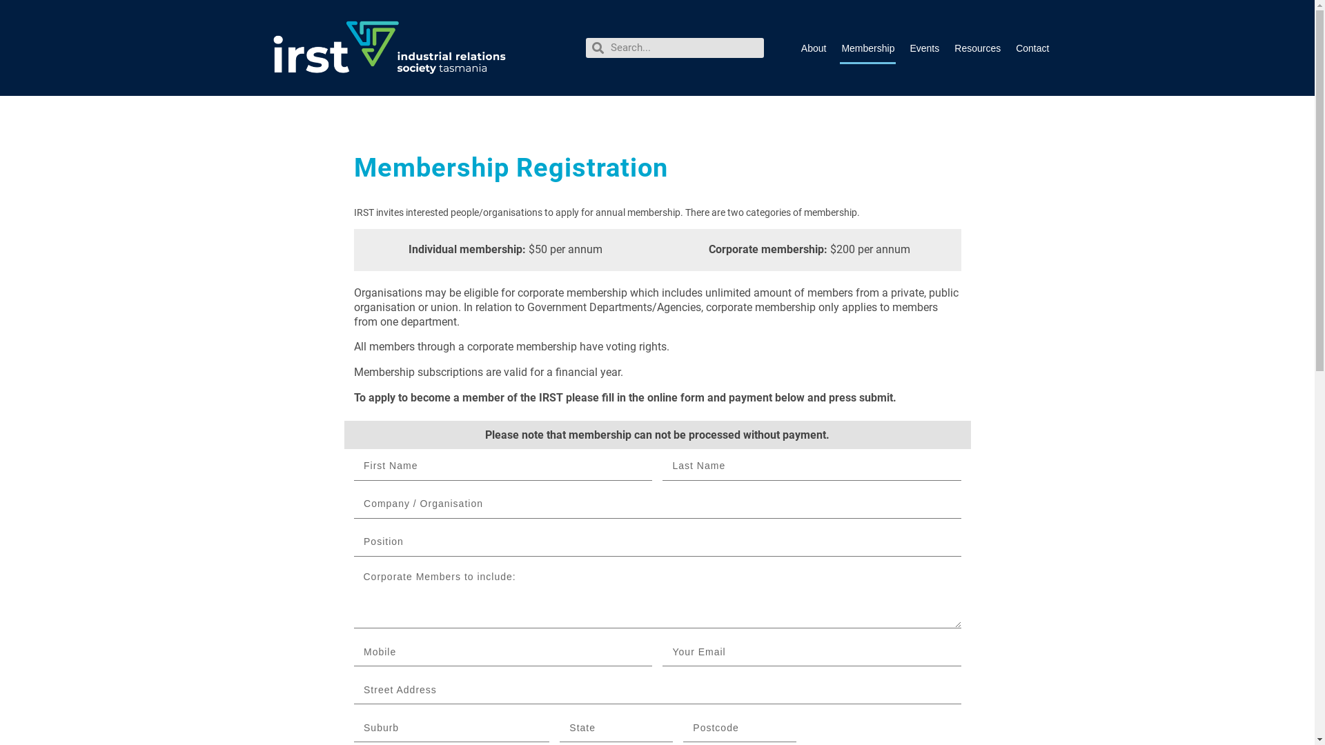  What do you see at coordinates (867, 47) in the screenshot?
I see `'Membership'` at bounding box center [867, 47].